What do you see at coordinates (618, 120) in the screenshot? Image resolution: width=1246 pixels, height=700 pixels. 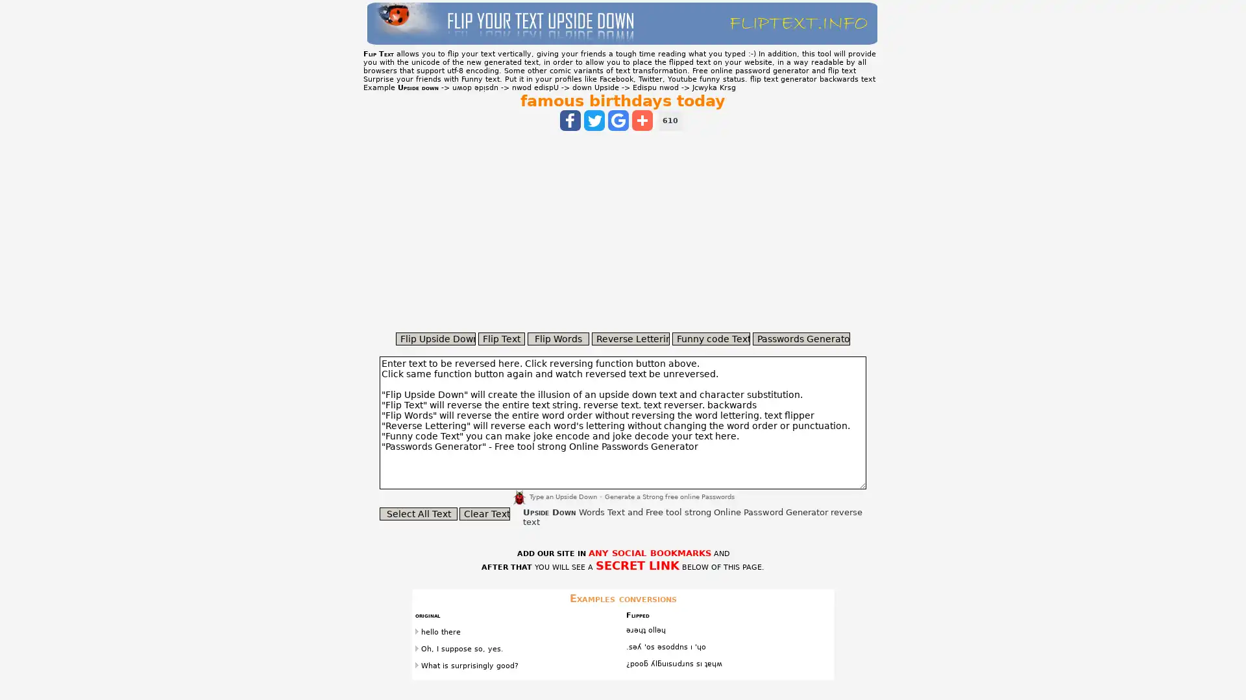 I see `Share to Google Bookmark` at bounding box center [618, 120].